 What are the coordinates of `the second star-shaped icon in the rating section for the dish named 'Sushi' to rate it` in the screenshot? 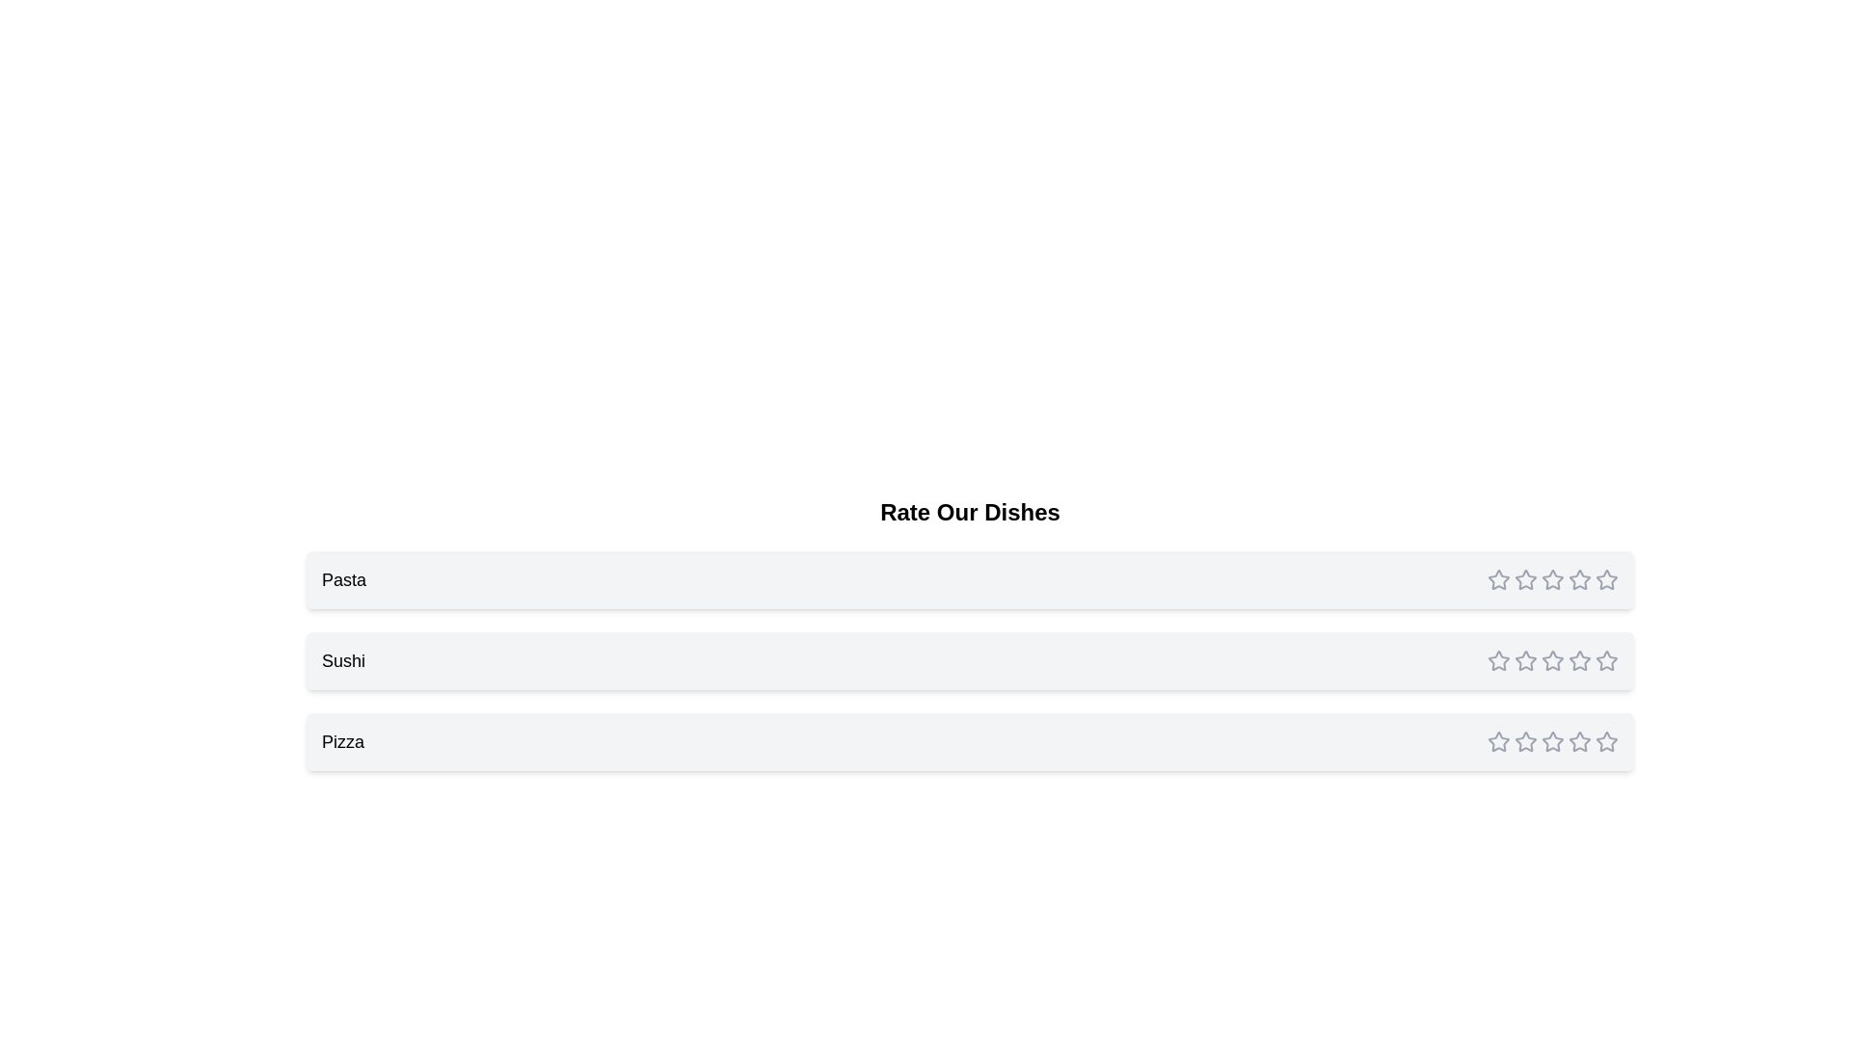 It's located at (1525, 659).